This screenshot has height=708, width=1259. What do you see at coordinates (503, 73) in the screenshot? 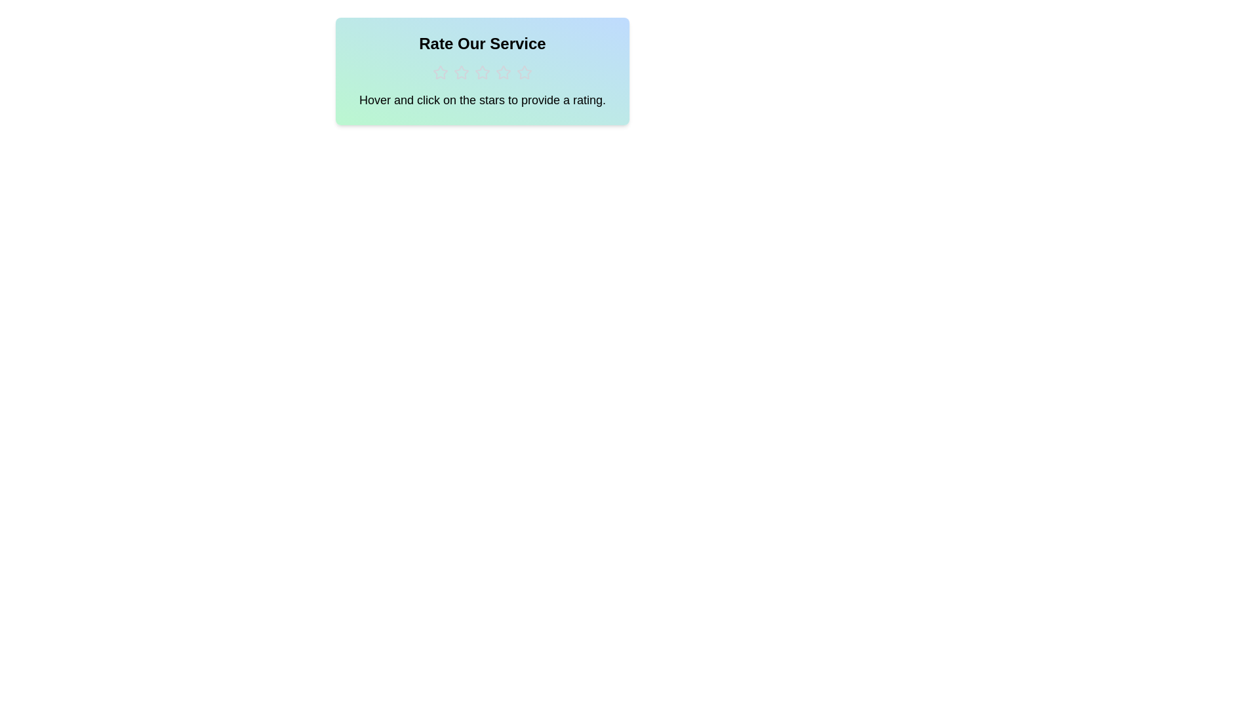
I see `the star corresponding to 4 to preview the rating` at bounding box center [503, 73].